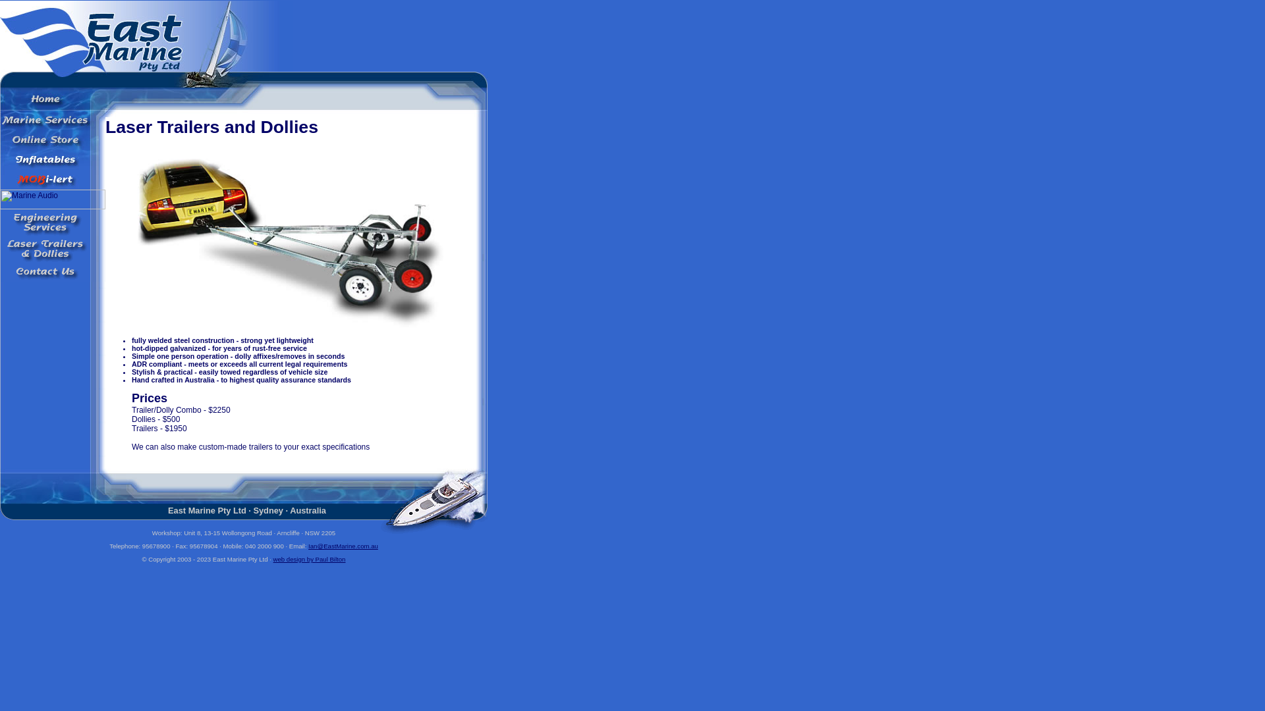  Describe the element at coordinates (309, 559) in the screenshot. I see `'web design by Paul Bilton'` at that location.